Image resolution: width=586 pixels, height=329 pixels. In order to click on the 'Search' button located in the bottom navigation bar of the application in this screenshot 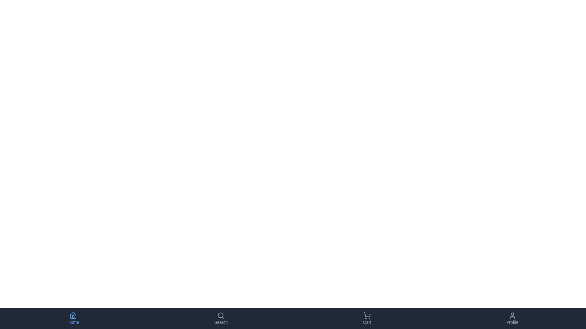, I will do `click(221, 318)`.